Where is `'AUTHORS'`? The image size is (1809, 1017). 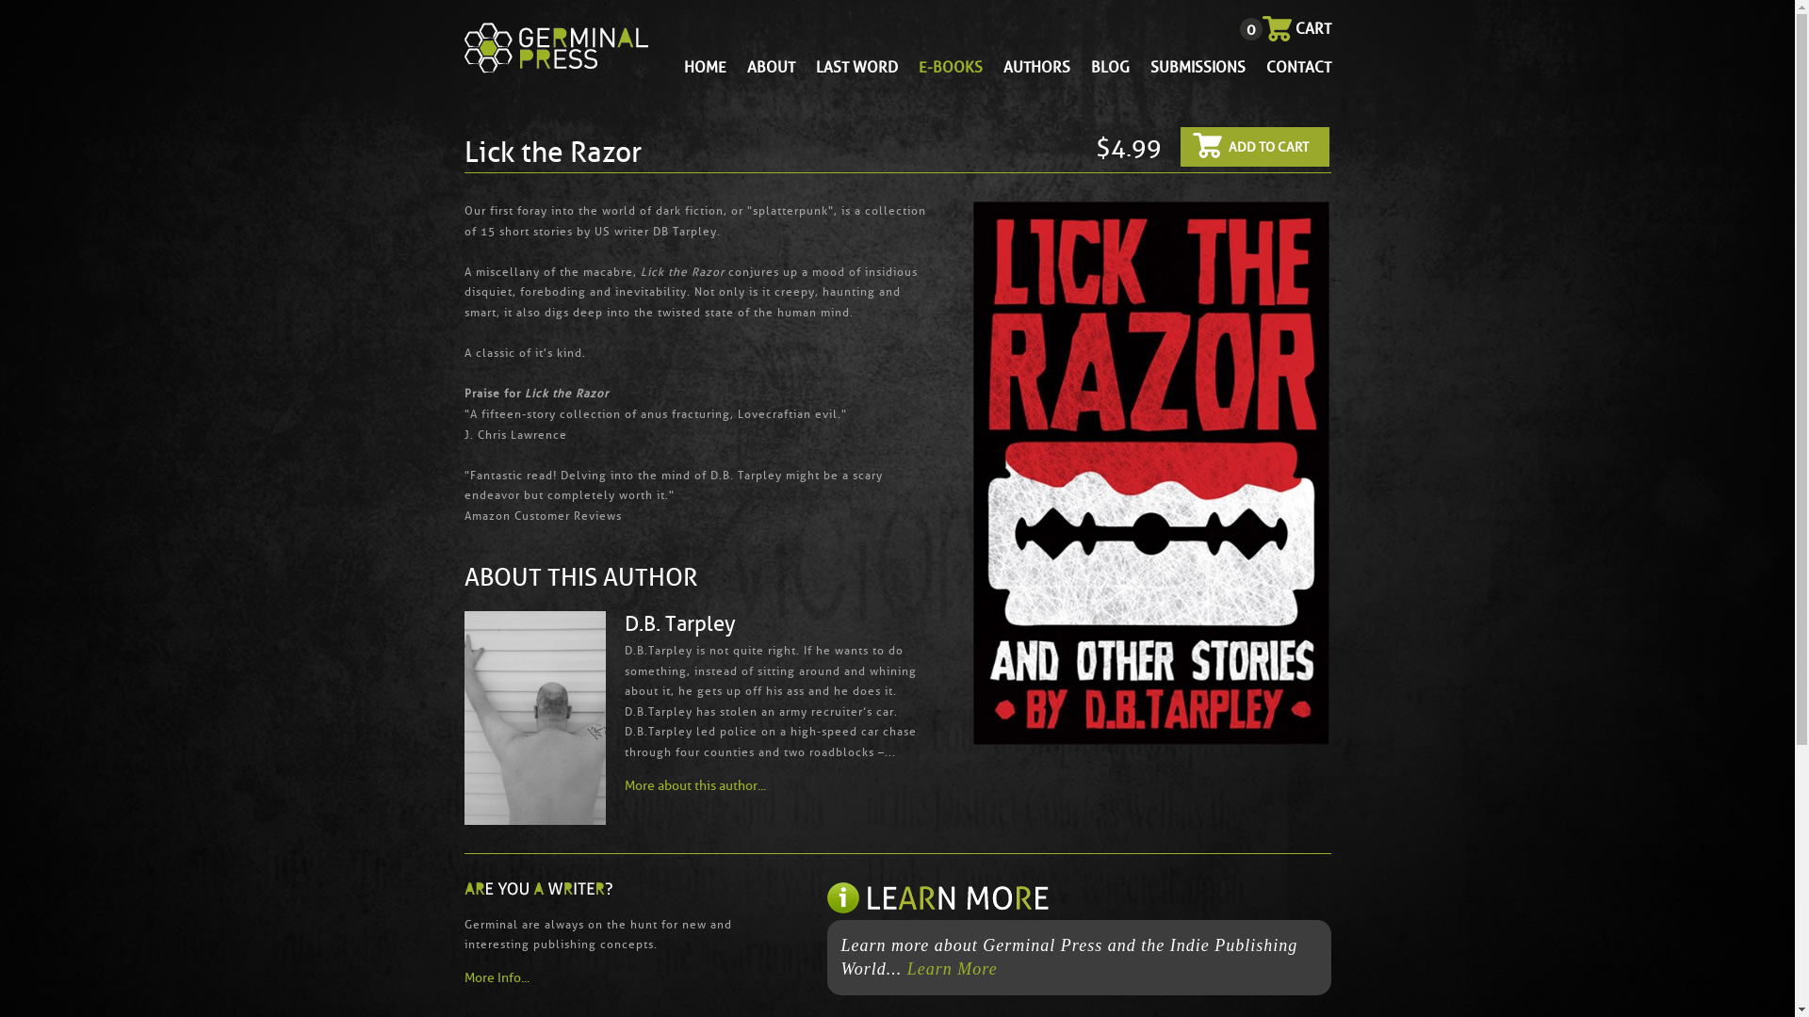
'AUTHORS' is located at coordinates (1035, 66).